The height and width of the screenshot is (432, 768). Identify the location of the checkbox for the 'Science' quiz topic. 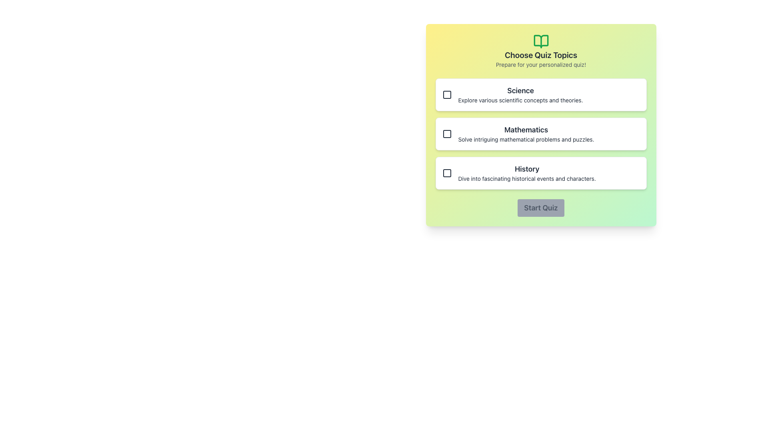
(446, 94).